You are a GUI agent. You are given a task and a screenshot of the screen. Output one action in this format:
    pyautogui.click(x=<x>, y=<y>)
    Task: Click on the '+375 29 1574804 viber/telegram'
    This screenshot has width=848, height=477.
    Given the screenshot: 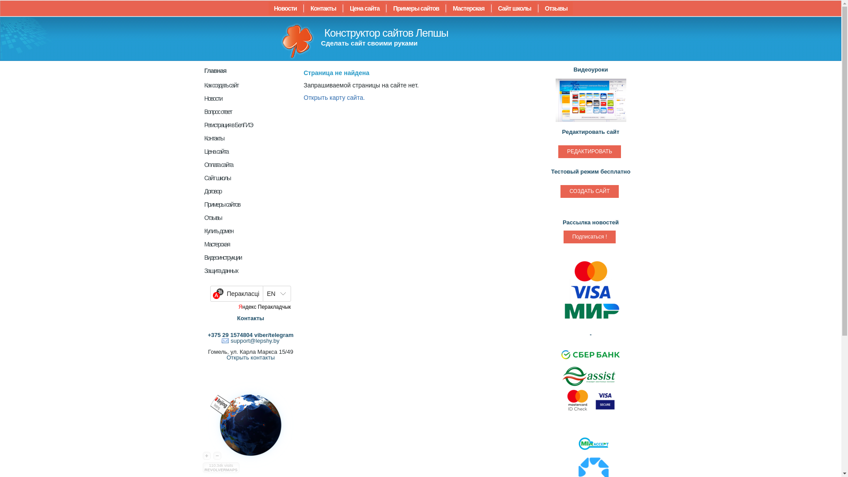 What is the action you would take?
    pyautogui.click(x=250, y=335)
    